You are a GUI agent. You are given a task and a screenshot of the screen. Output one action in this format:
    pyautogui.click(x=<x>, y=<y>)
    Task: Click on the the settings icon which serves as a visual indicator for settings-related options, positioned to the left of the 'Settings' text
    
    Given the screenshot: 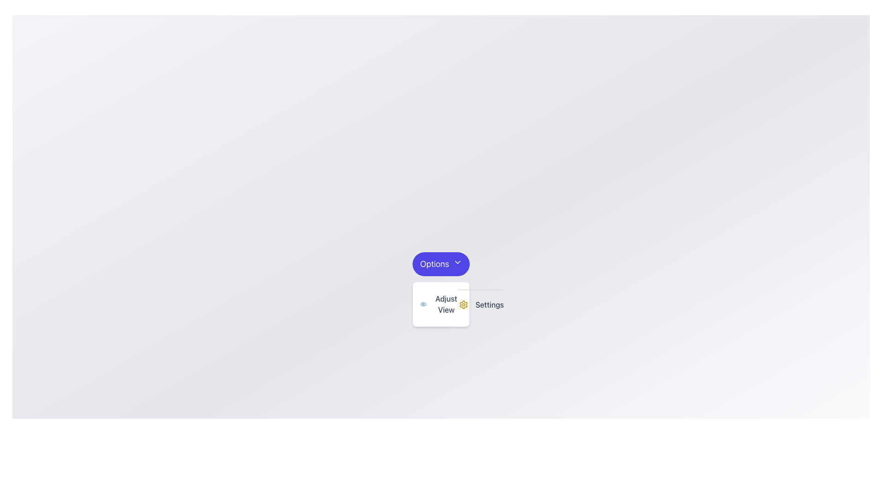 What is the action you would take?
    pyautogui.click(x=463, y=304)
    